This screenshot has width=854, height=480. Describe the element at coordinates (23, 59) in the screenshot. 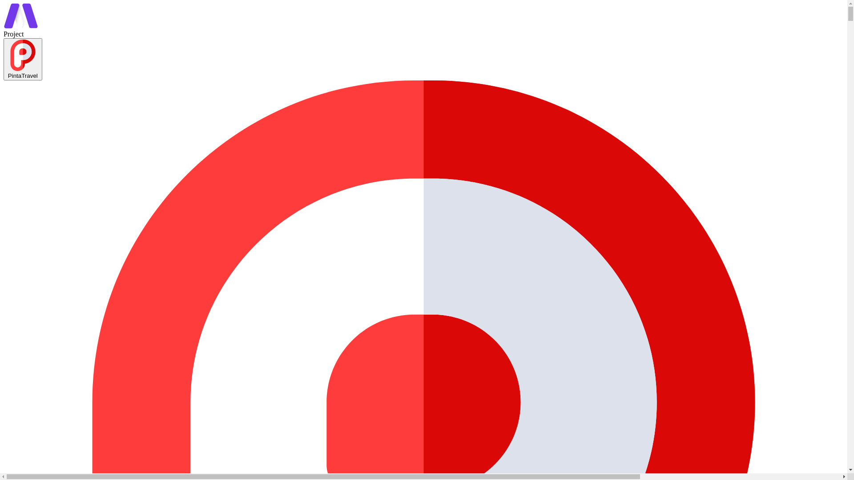

I see `'PintaTravel'` at that location.